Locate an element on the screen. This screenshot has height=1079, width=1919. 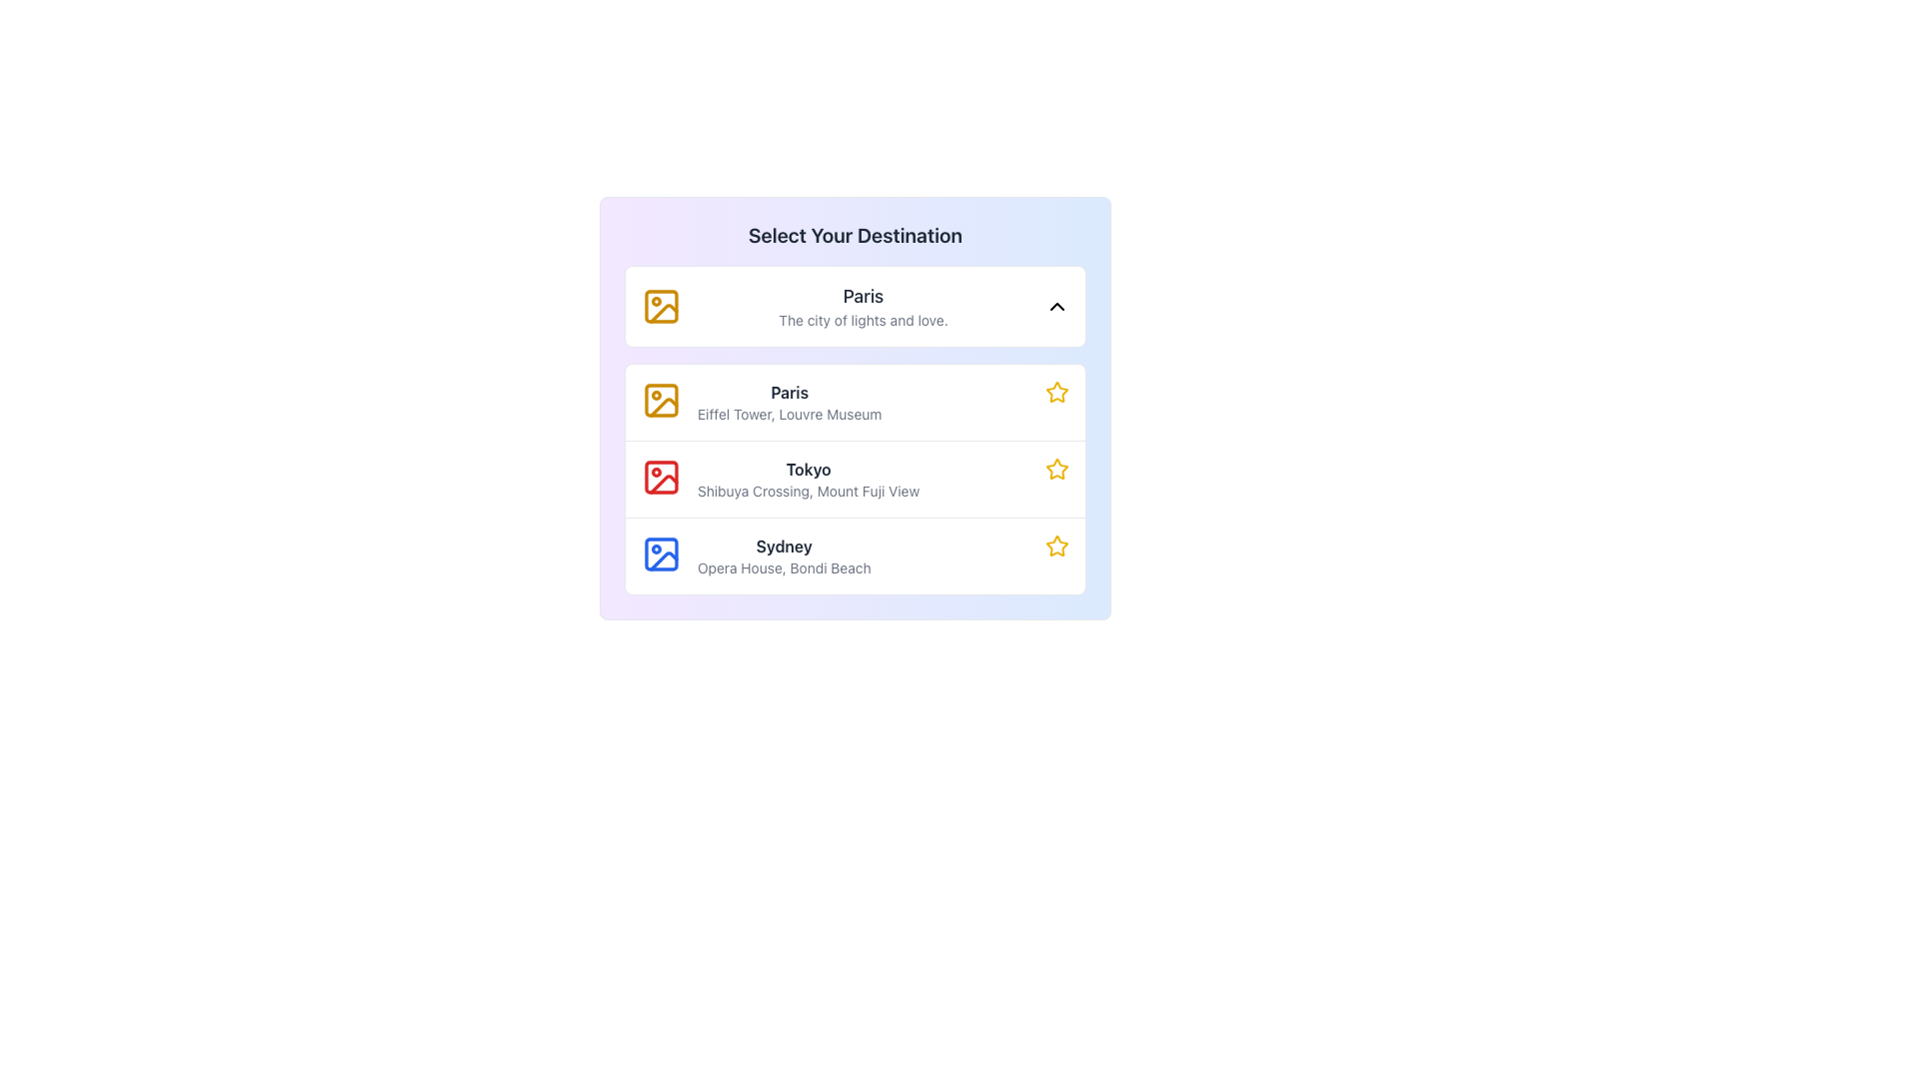
the Tokyo destination icon, which is located in the second row of a vertical list interface, positioned to the left of the text 'Tokyo' is located at coordinates (664, 484).